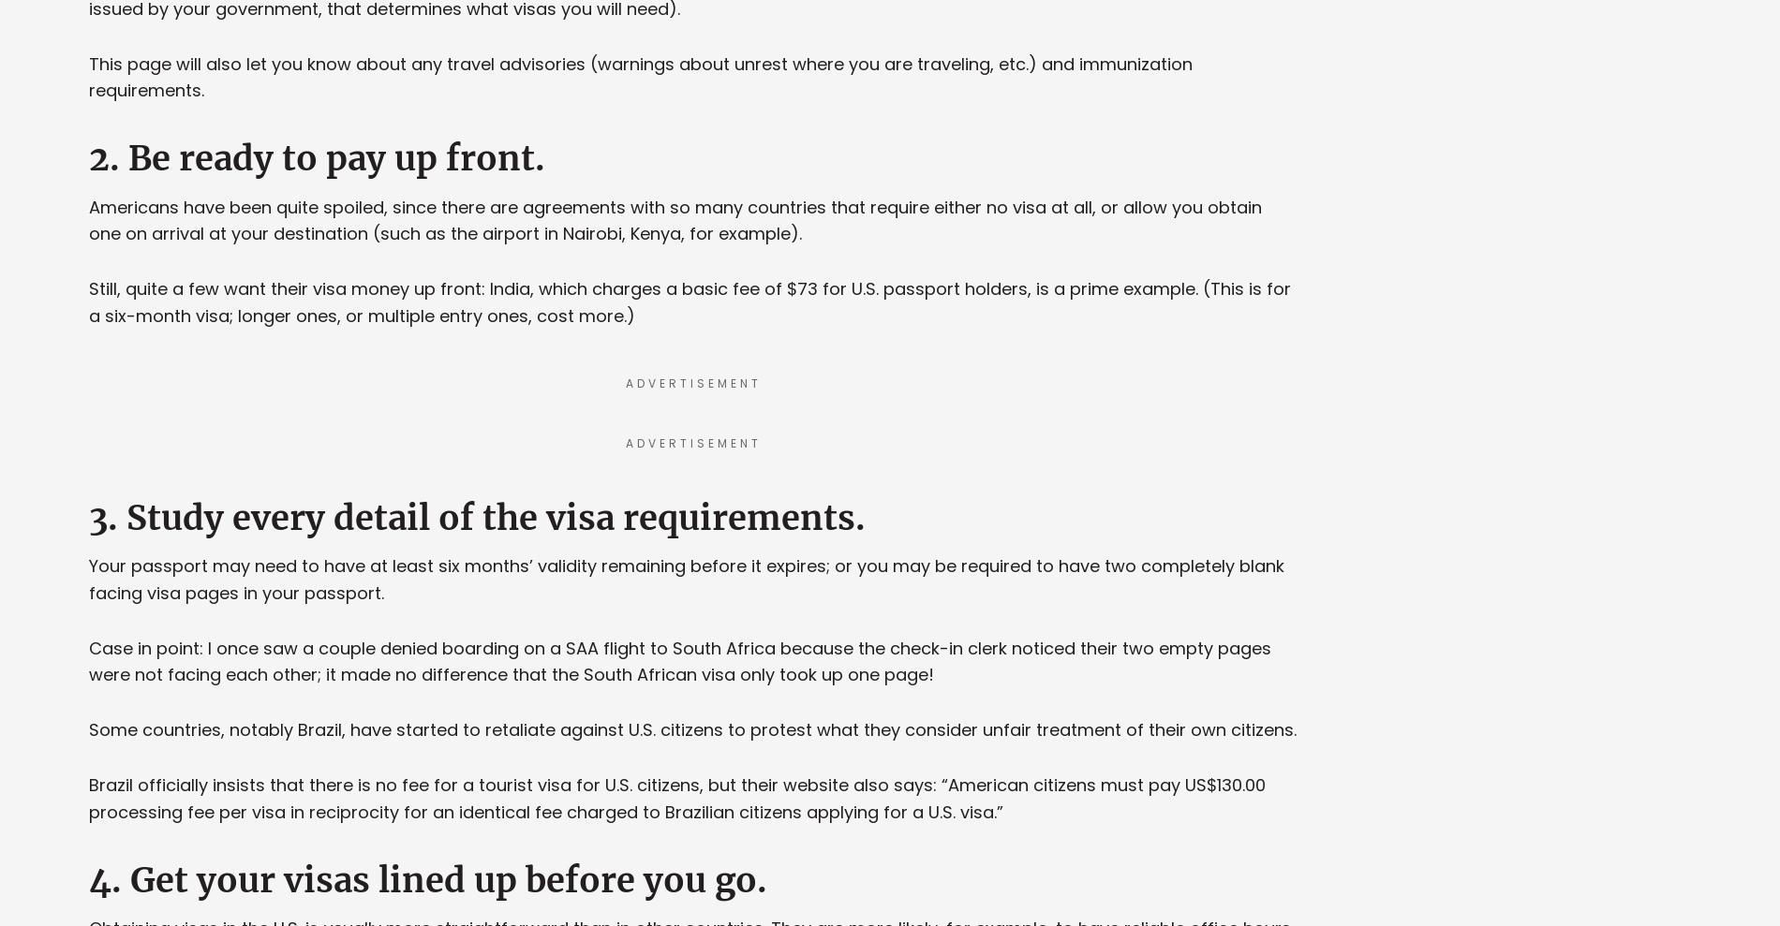  Describe the element at coordinates (675, 218) in the screenshot. I see `'Americans have been quite spoiled, since there are agreements with so many countries that require either no visa at all, or allow you obtain one on arrival at your destination (such as the airport in Nairobi, Kenya, for example).'` at that location.